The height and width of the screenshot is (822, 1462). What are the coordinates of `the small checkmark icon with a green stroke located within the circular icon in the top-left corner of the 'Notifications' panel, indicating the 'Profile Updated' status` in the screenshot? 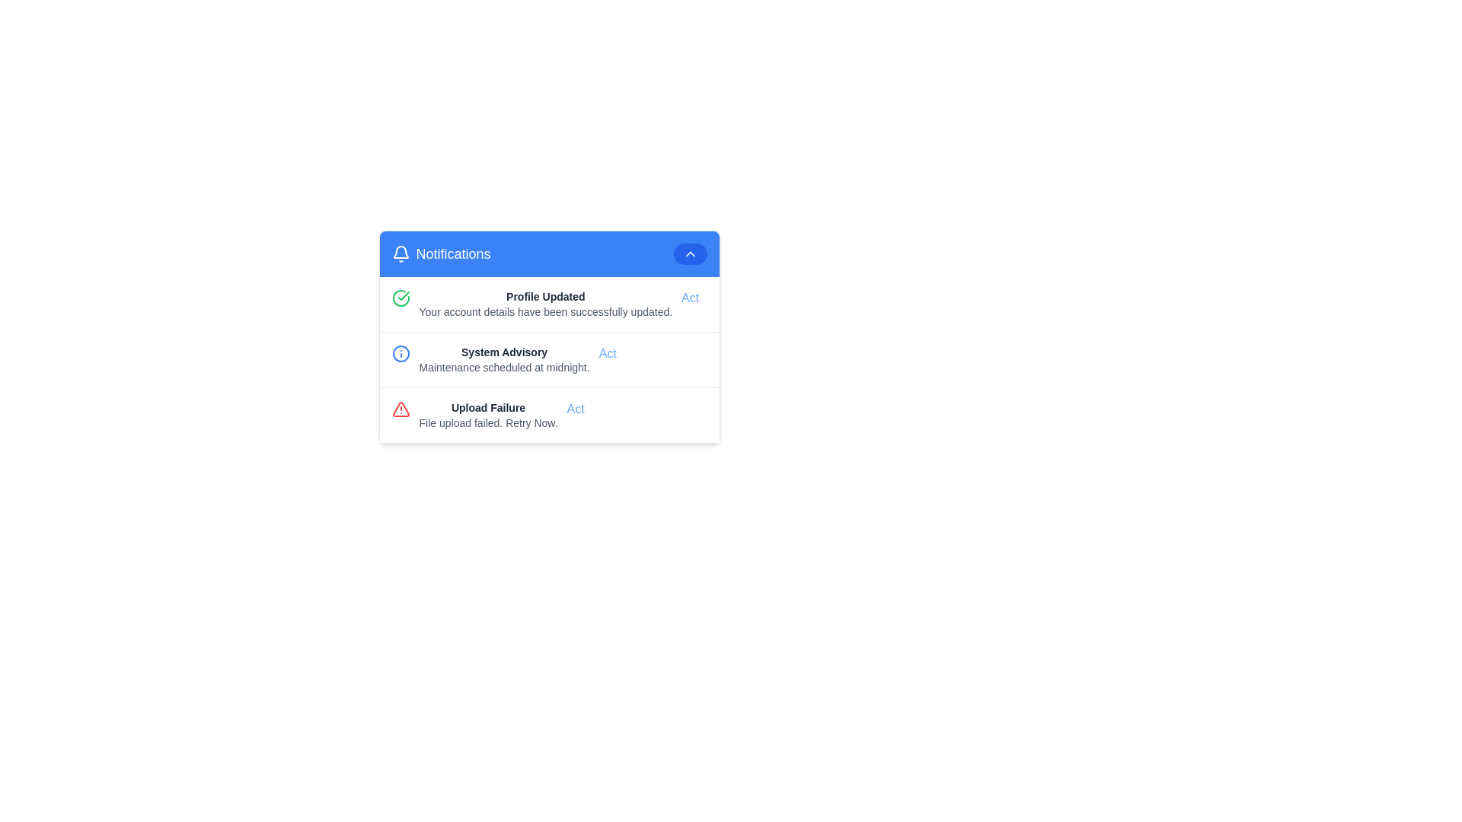 It's located at (403, 296).